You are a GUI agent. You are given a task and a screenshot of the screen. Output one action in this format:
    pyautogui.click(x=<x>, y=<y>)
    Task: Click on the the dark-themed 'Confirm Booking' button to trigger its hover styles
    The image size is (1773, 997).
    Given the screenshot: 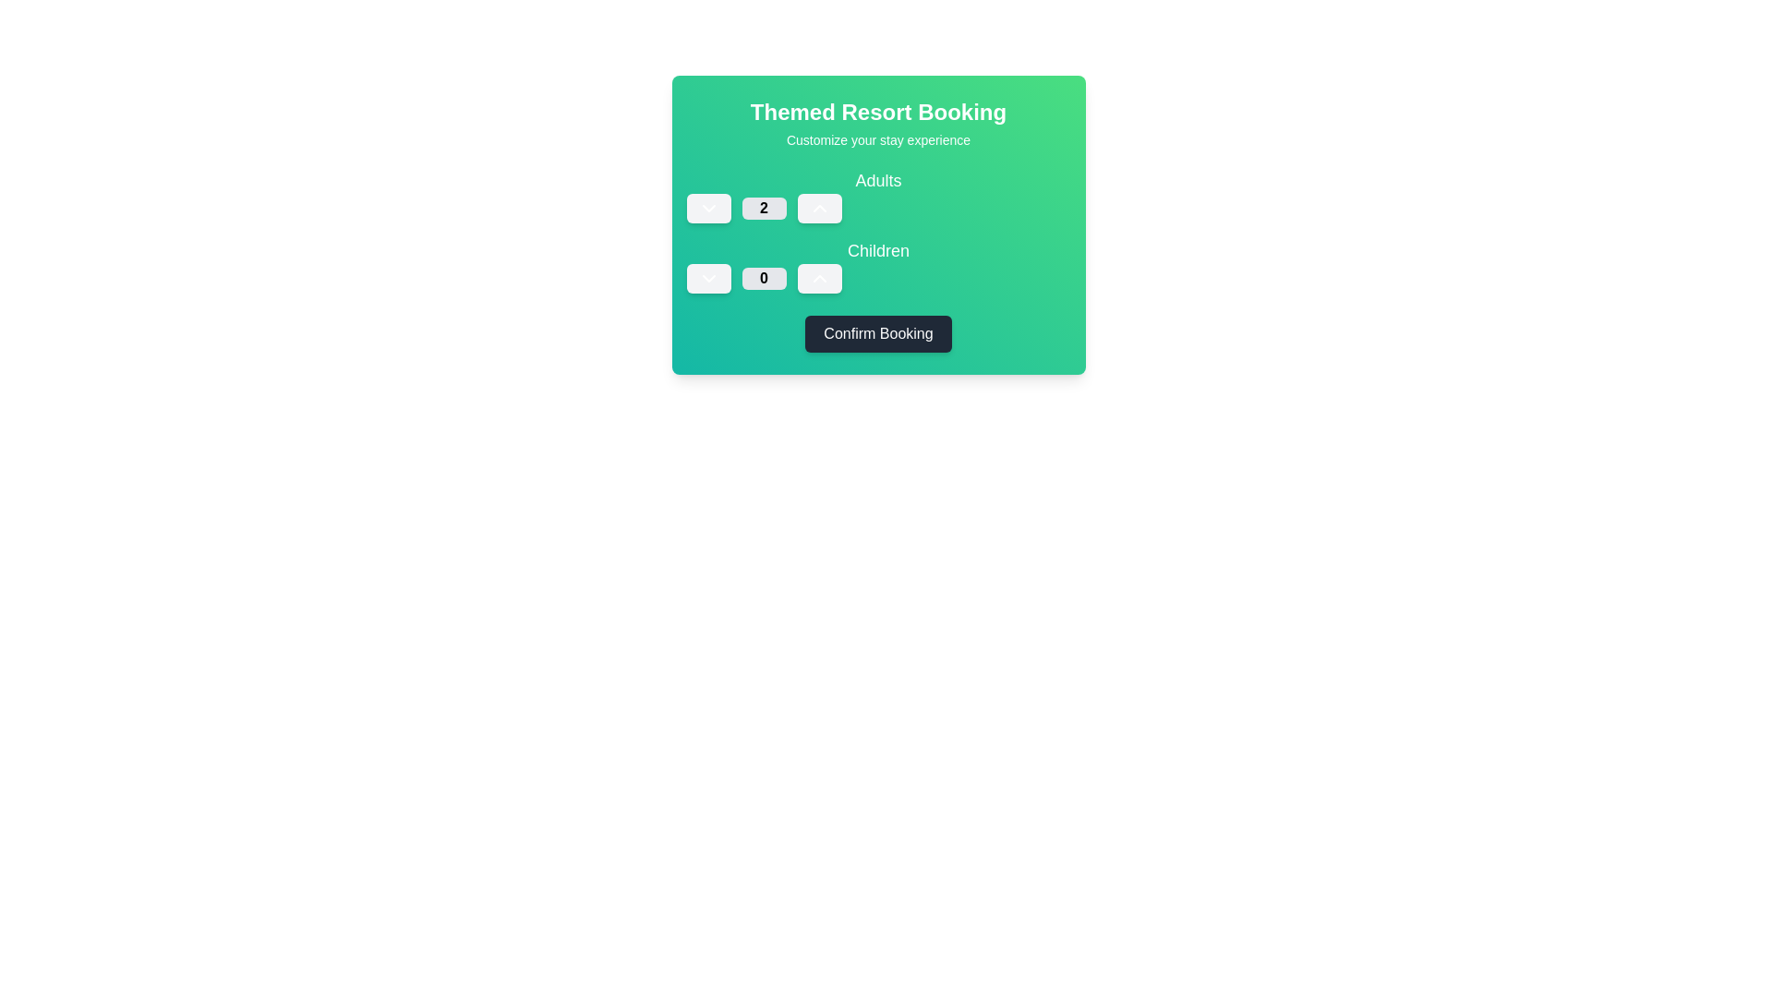 What is the action you would take?
    pyautogui.click(x=877, y=334)
    